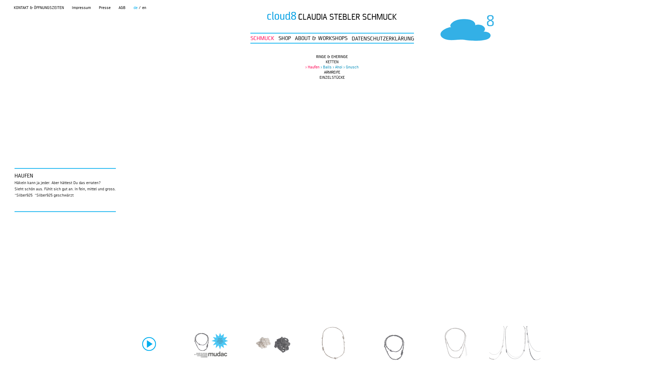 This screenshot has height=373, width=664. I want to click on 'Balls', so click(325, 67).